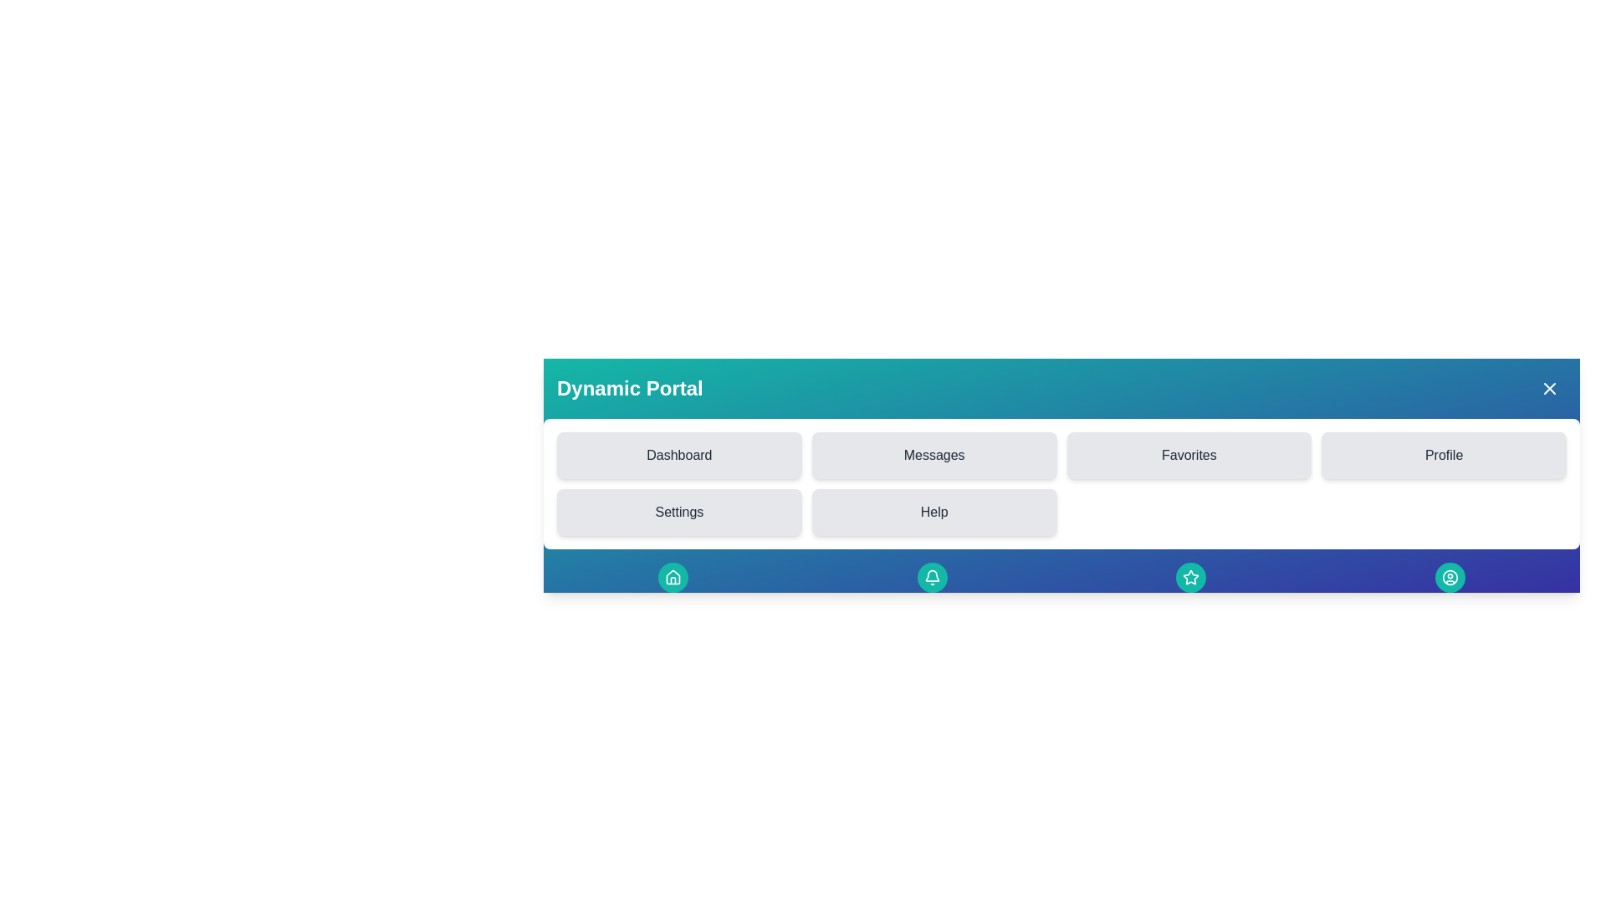 This screenshot has width=1606, height=903. What do you see at coordinates (678, 455) in the screenshot?
I see `the menu item labeled Dashboard to navigate to the corresponding section` at bounding box center [678, 455].